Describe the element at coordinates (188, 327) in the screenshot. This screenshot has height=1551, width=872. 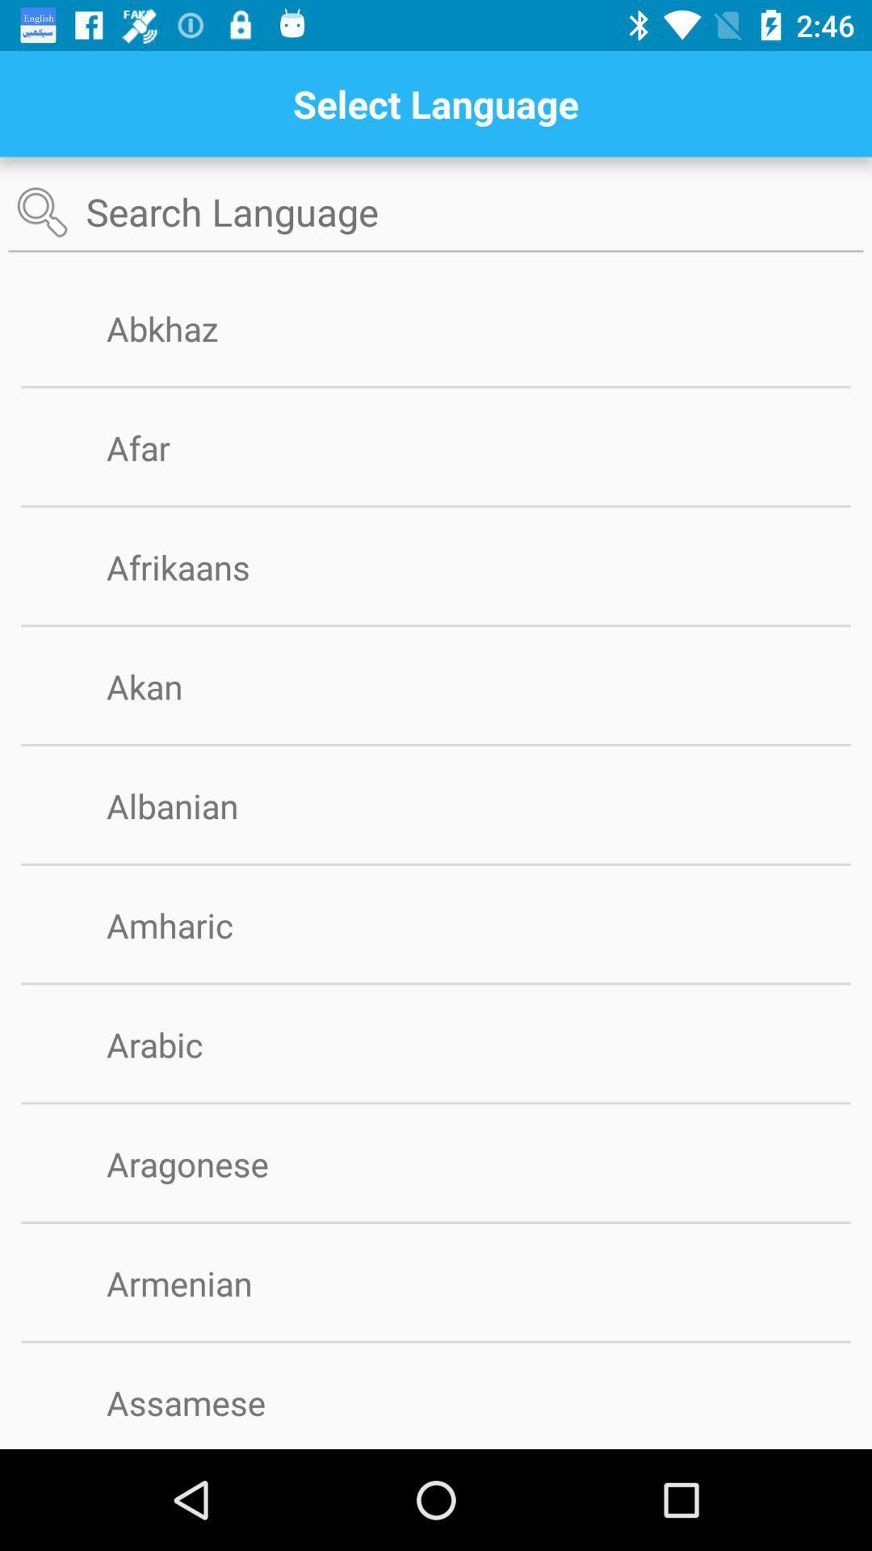
I see `abkhaz` at that location.